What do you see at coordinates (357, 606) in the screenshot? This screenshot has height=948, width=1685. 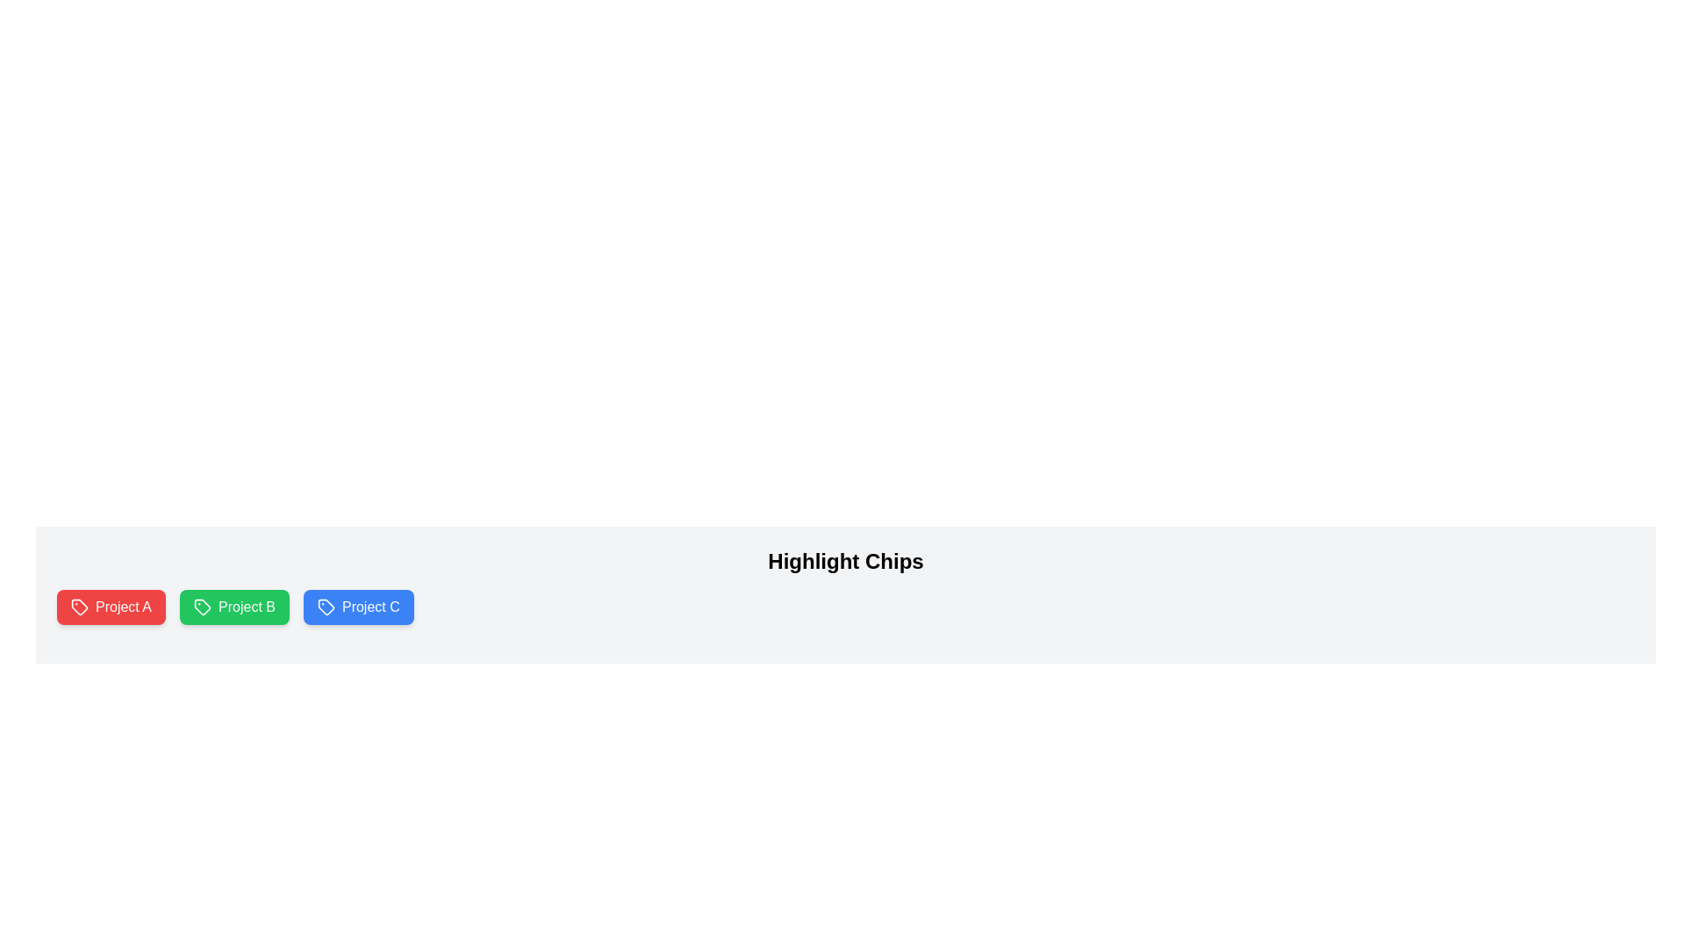 I see `the chip labeled Project C` at bounding box center [357, 606].